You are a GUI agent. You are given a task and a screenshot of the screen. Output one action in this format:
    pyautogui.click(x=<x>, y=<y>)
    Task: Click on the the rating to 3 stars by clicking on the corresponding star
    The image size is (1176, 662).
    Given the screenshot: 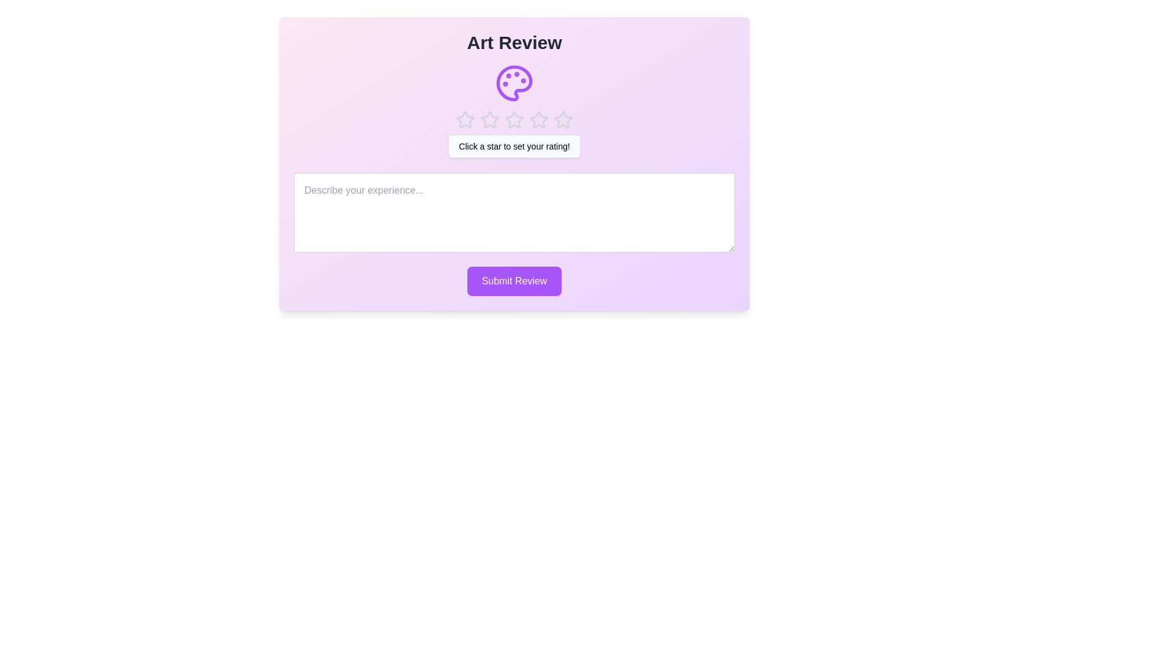 What is the action you would take?
    pyautogui.click(x=514, y=120)
    